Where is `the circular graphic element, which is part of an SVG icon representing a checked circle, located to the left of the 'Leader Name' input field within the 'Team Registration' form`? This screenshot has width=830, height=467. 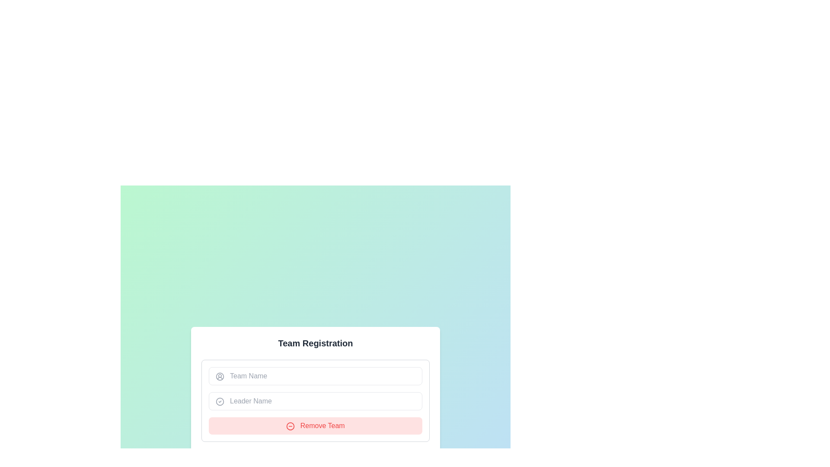 the circular graphic element, which is part of an SVG icon representing a checked circle, located to the left of the 'Leader Name' input field within the 'Team Registration' form is located at coordinates (220, 402).